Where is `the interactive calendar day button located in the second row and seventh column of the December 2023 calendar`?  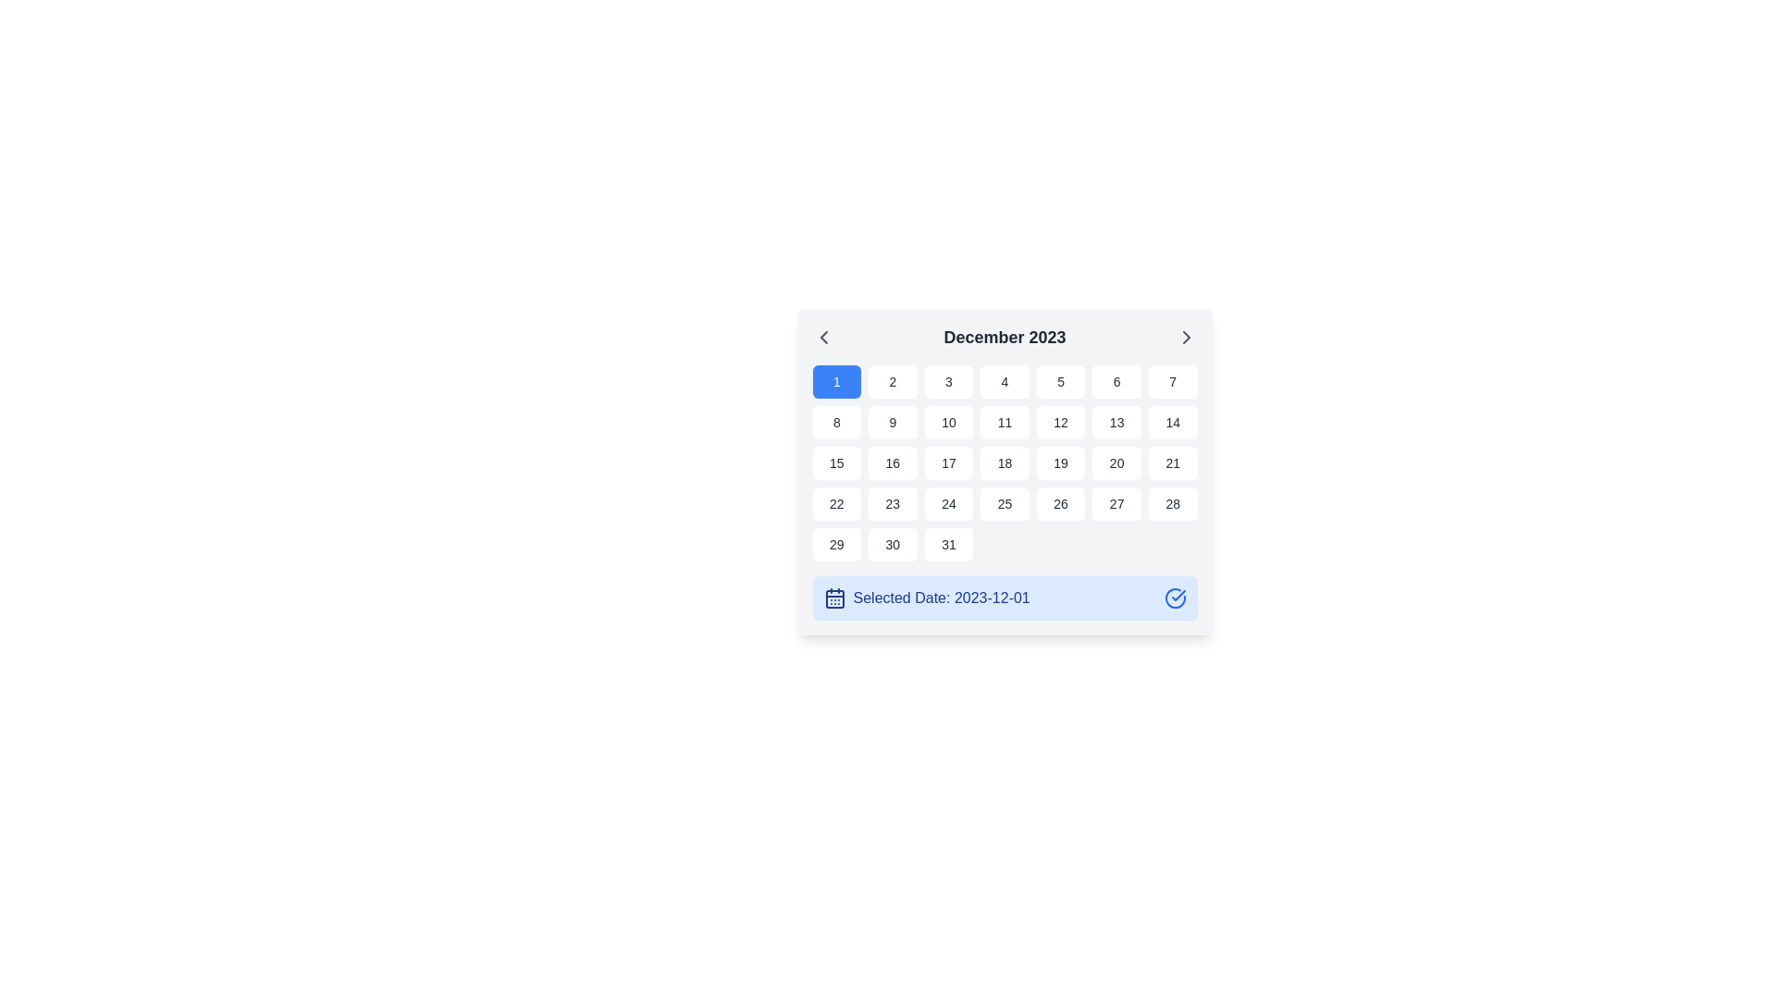
the interactive calendar day button located in the second row and seventh column of the December 2023 calendar is located at coordinates (1171, 422).